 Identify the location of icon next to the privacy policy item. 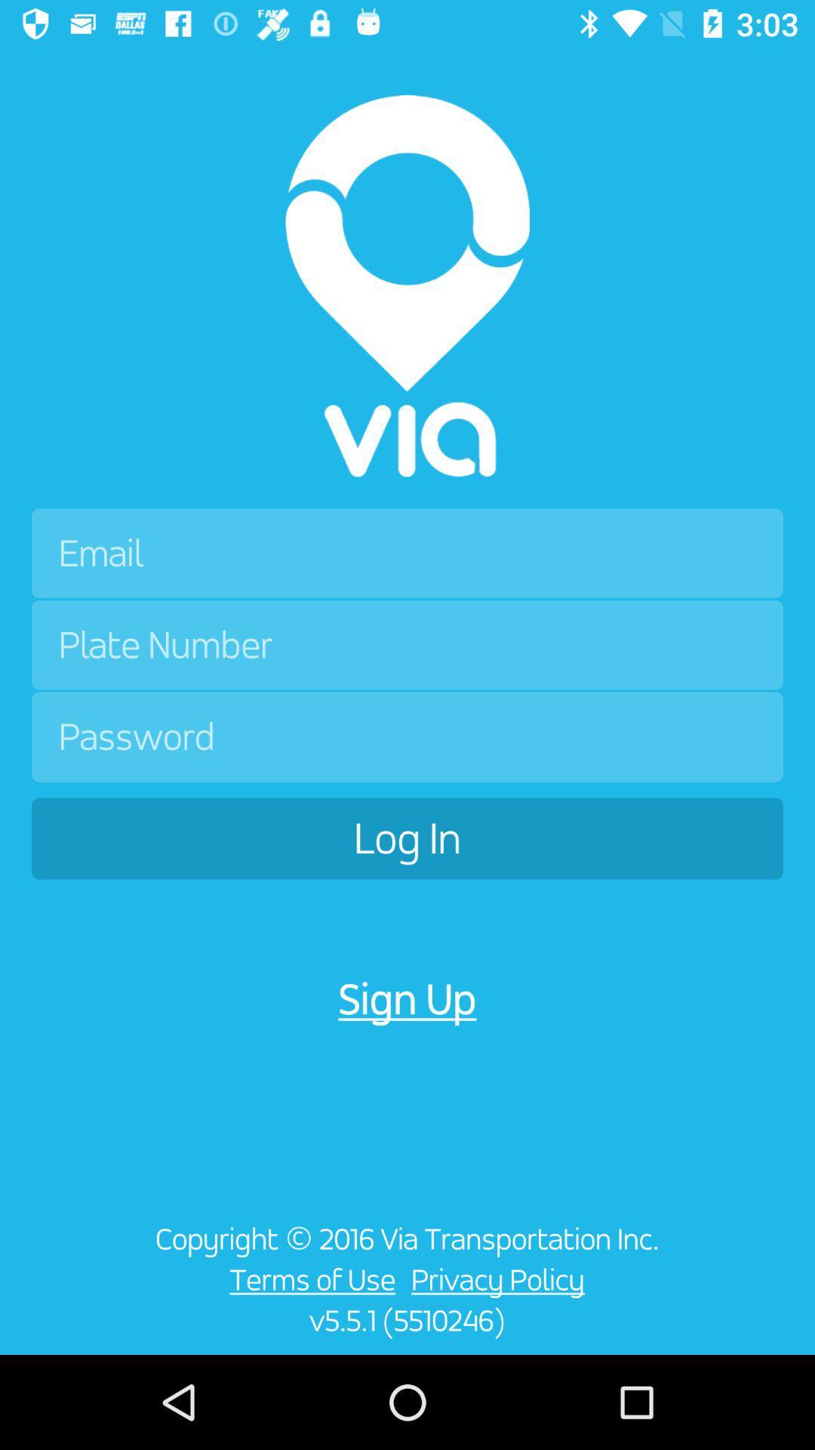
(308, 1279).